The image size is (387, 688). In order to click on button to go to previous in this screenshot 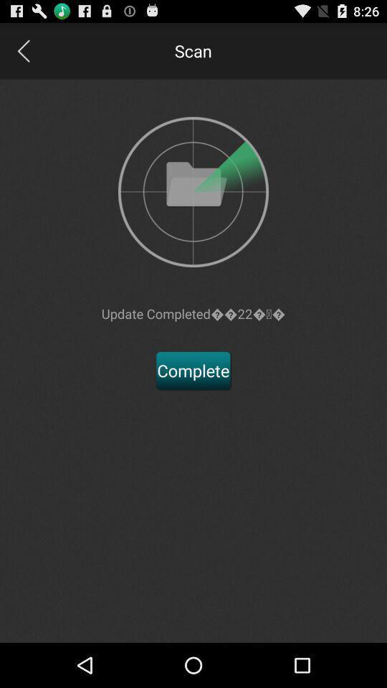, I will do `click(22, 50)`.